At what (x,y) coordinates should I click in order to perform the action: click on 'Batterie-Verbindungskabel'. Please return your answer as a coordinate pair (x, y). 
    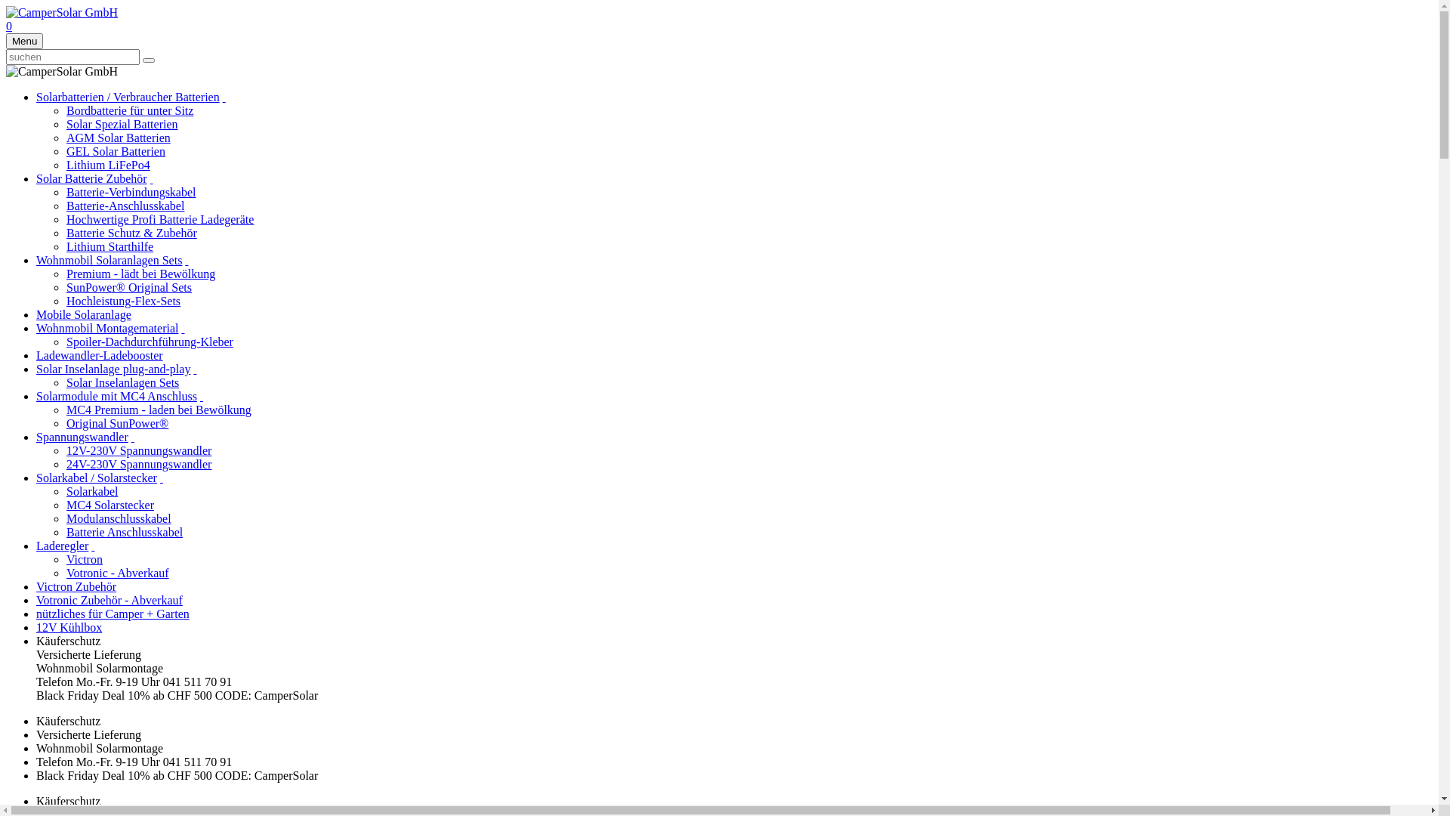
    Looking at the image, I should click on (131, 191).